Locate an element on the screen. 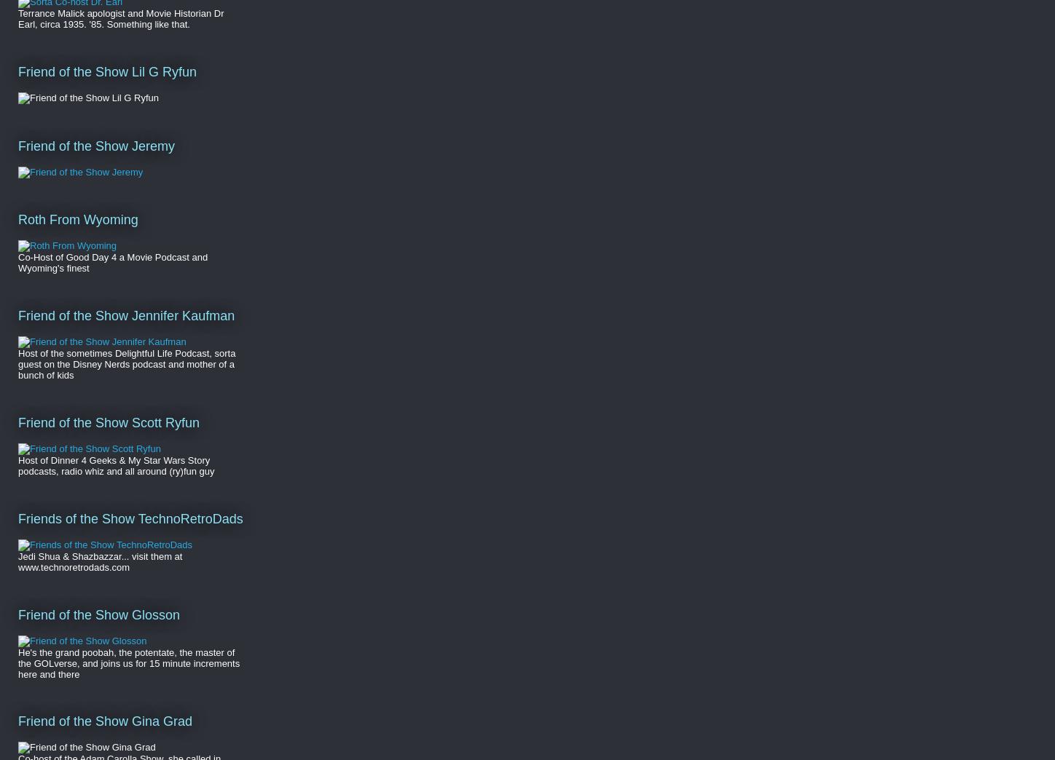  'Friend of the Show Lil G Ryfun' is located at coordinates (106, 71).